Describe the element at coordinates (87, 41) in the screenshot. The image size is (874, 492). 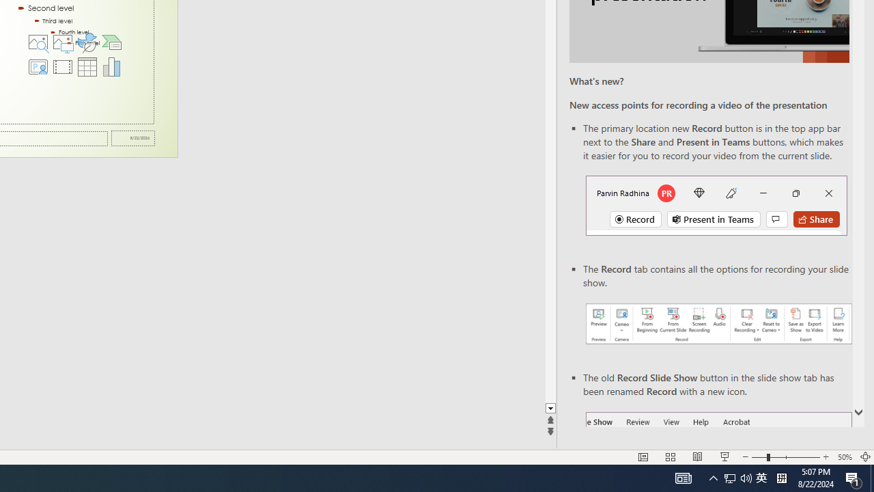
I see `'Insert an Icon'` at that location.